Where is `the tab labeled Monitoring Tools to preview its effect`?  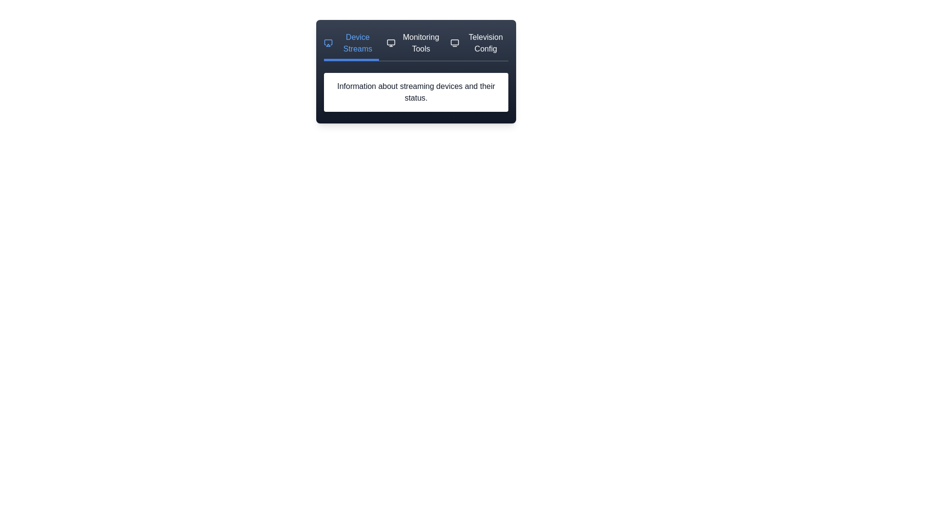
the tab labeled Monitoring Tools to preview its effect is located at coordinates (414, 46).